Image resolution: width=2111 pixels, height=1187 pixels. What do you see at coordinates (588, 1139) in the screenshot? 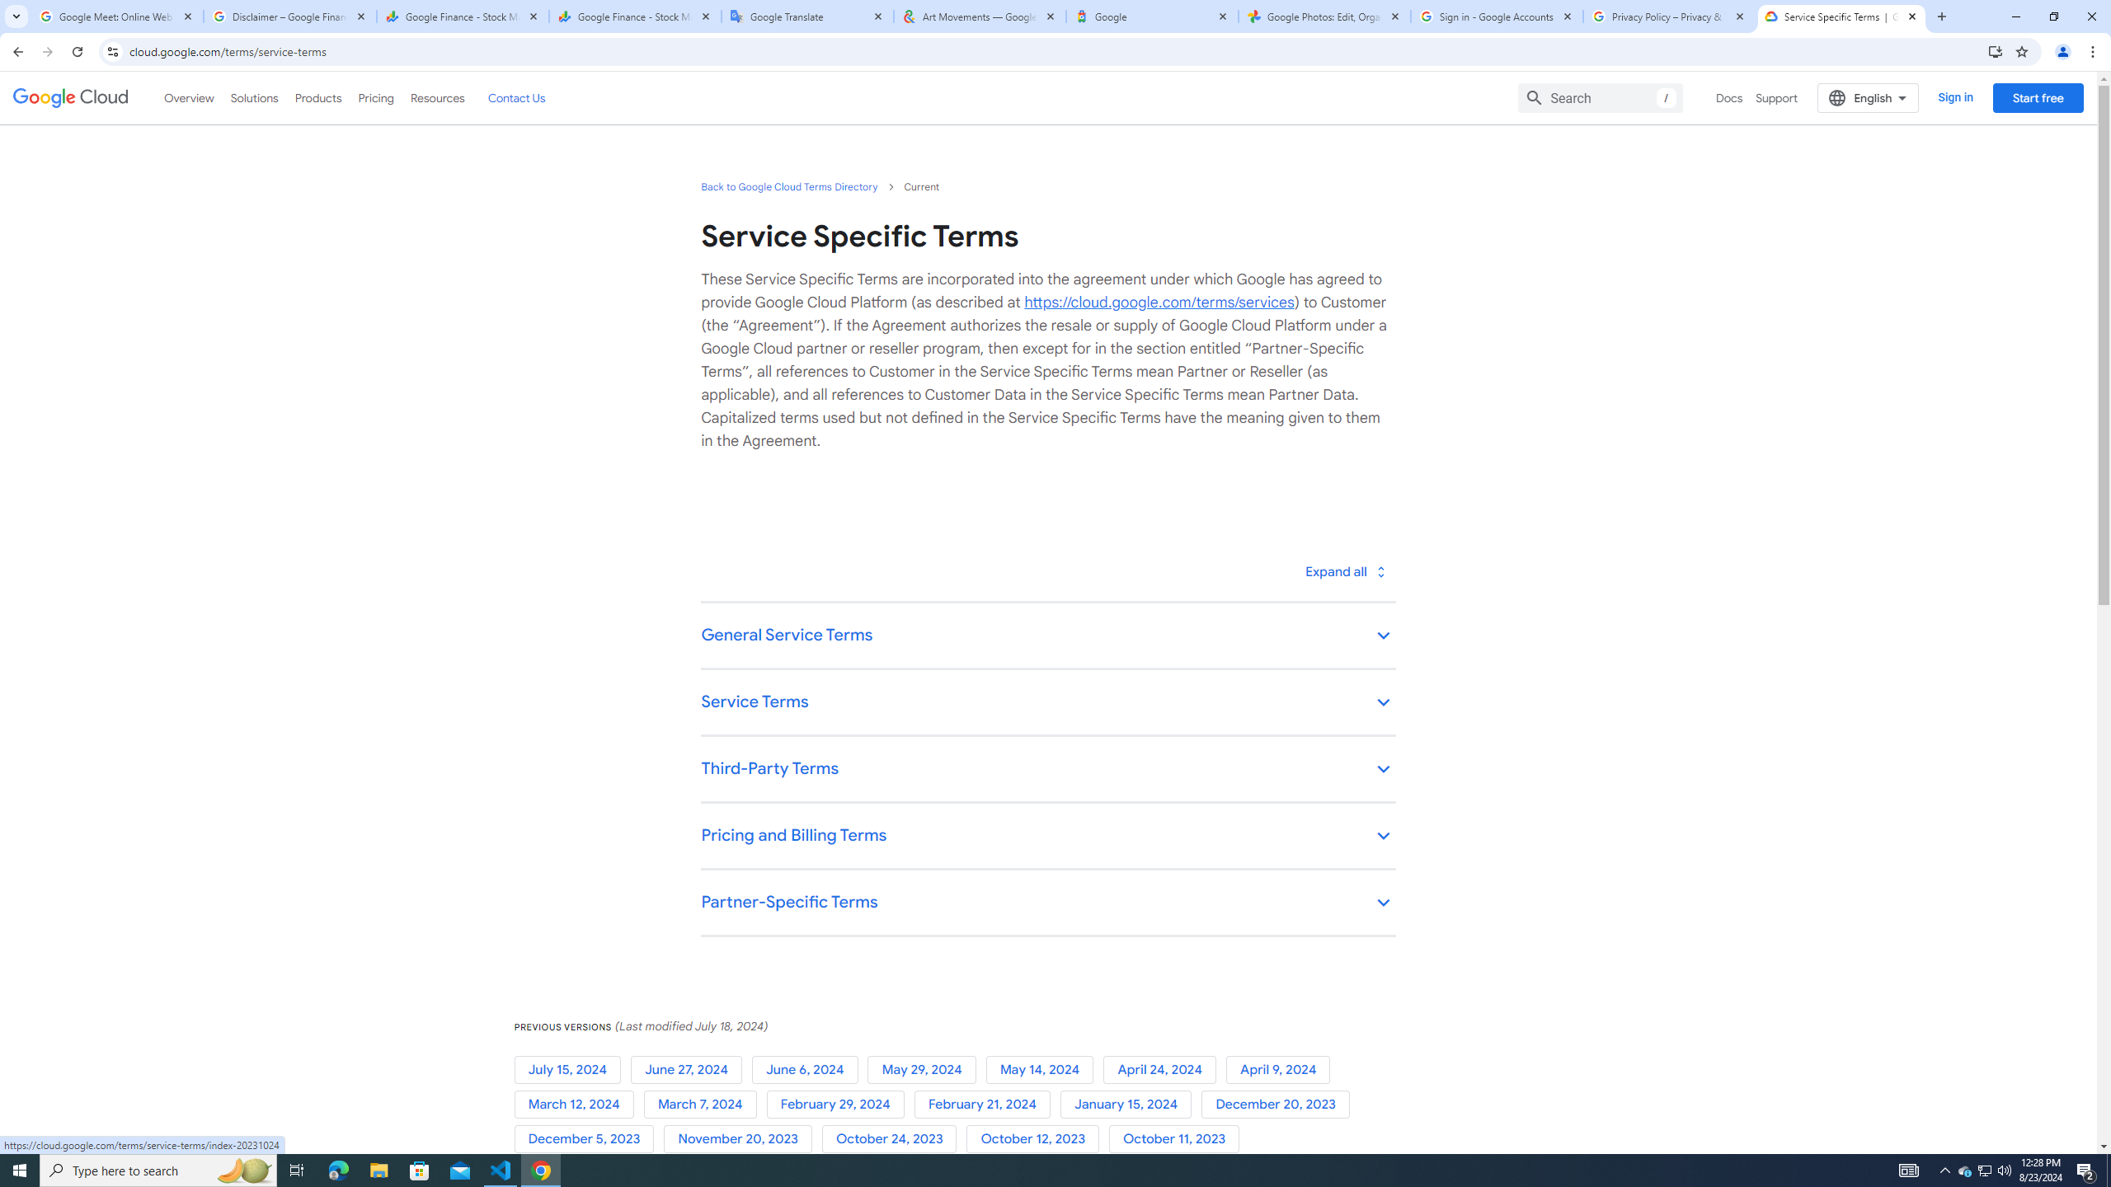
I see `'December 5, 2023'` at bounding box center [588, 1139].